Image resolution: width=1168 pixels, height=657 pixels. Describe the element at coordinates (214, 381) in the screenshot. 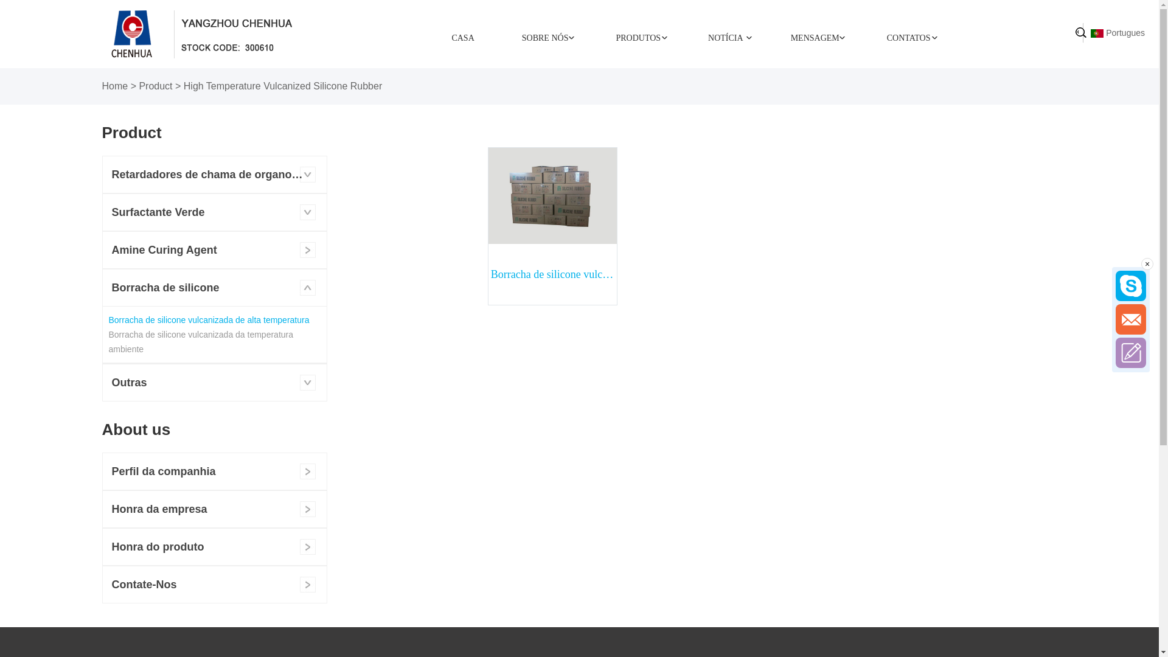

I see `'Outras'` at that location.